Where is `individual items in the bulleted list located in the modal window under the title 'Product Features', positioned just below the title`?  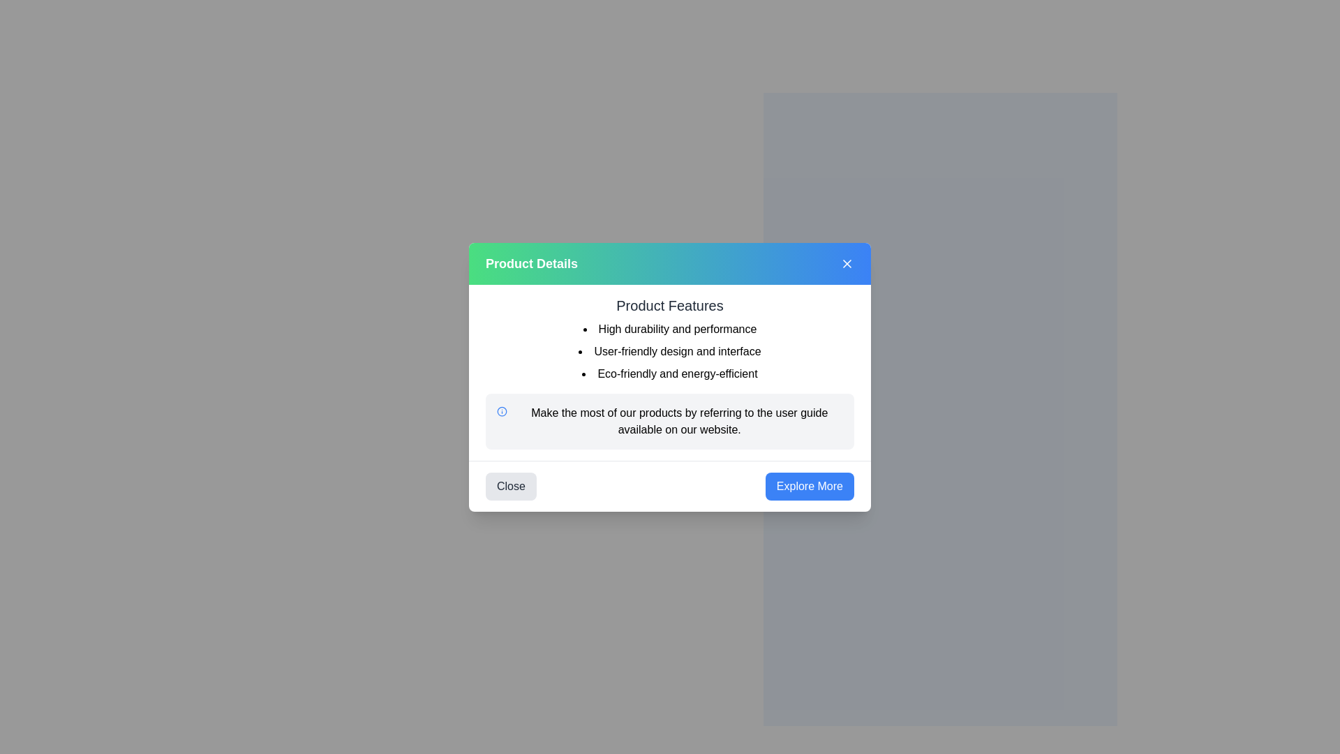 individual items in the bulleted list located in the modal window under the title 'Product Features', positioned just below the title is located at coordinates (670, 350).